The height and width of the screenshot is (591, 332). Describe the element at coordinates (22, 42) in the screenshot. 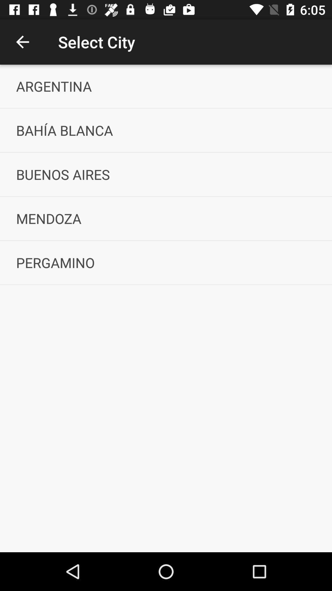

I see `icon next to select city` at that location.